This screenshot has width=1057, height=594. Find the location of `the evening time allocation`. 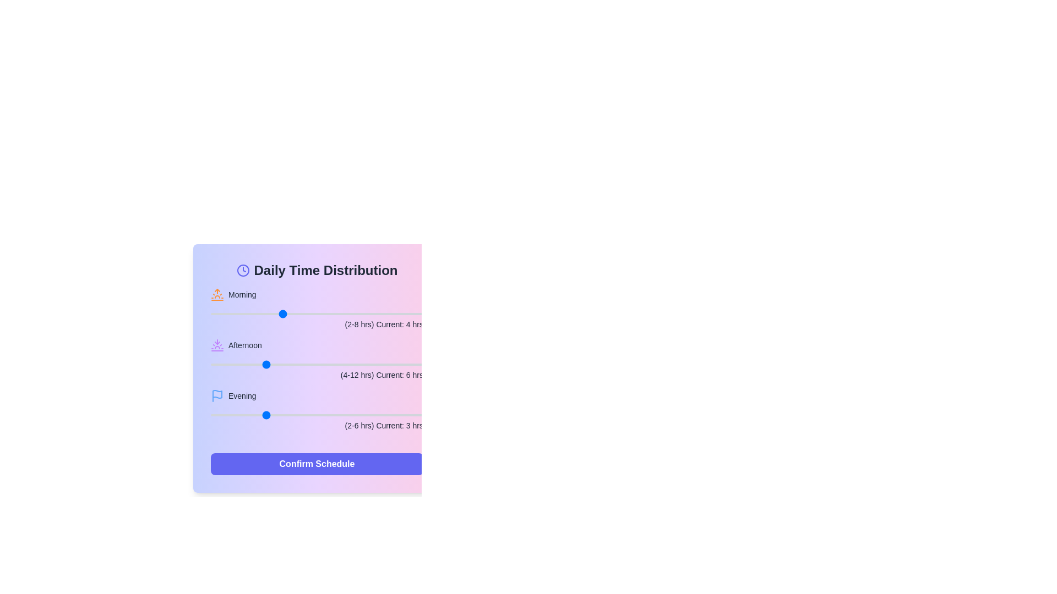

the evening time allocation is located at coordinates (370, 415).